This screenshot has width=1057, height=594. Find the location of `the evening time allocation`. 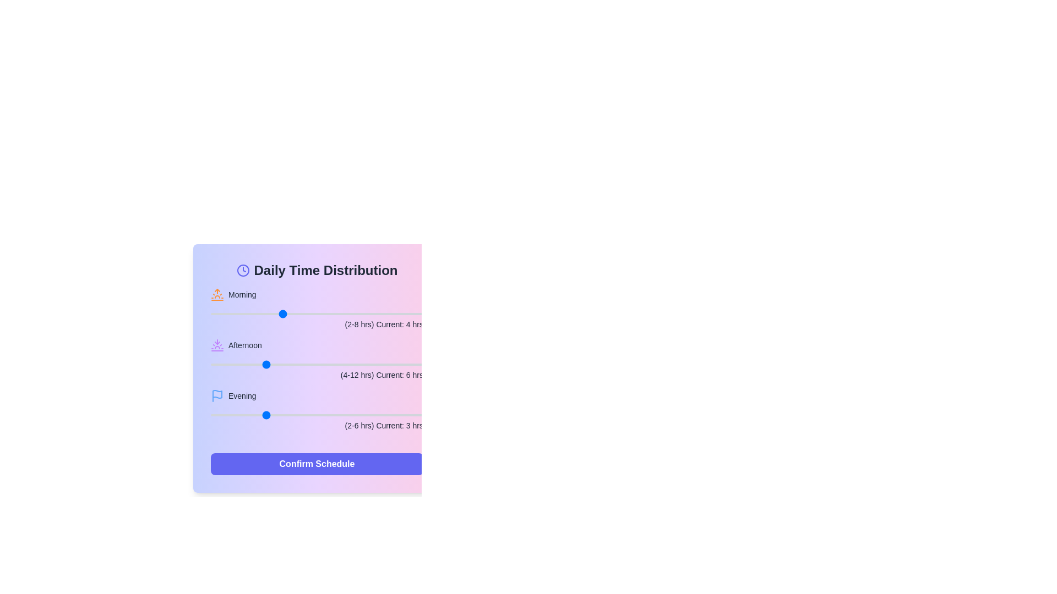

the evening time allocation is located at coordinates (370, 415).